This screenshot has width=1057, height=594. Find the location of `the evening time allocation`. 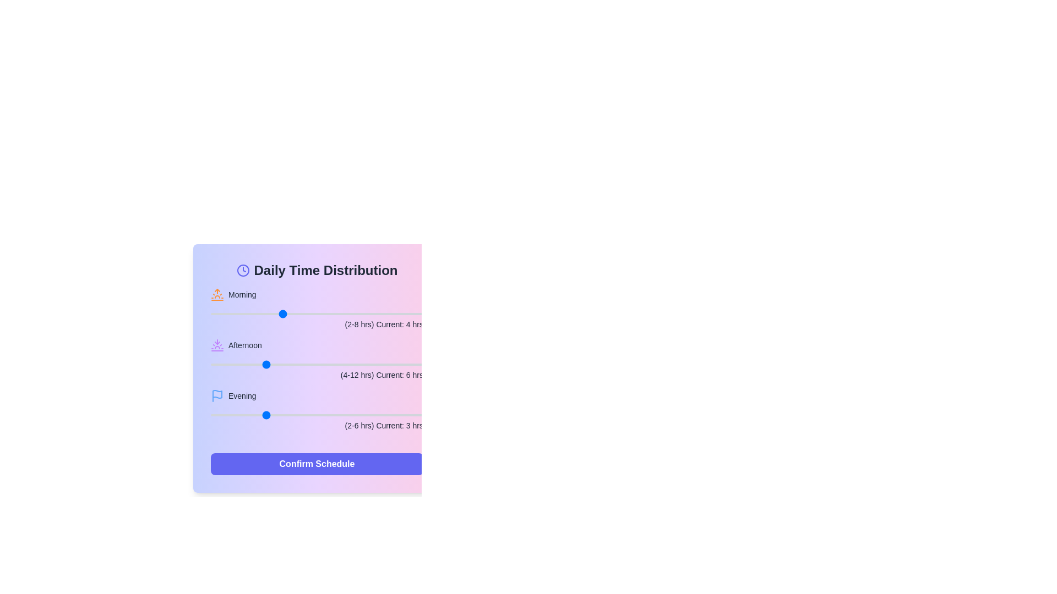

the evening time allocation is located at coordinates (370, 415).